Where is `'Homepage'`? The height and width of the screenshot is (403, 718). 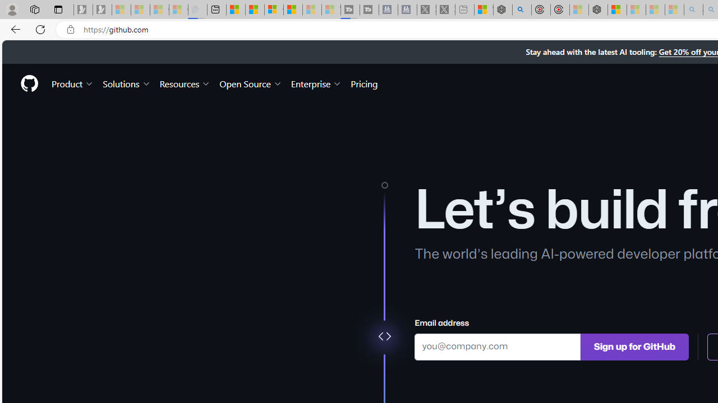
'Homepage' is located at coordinates (29, 83).